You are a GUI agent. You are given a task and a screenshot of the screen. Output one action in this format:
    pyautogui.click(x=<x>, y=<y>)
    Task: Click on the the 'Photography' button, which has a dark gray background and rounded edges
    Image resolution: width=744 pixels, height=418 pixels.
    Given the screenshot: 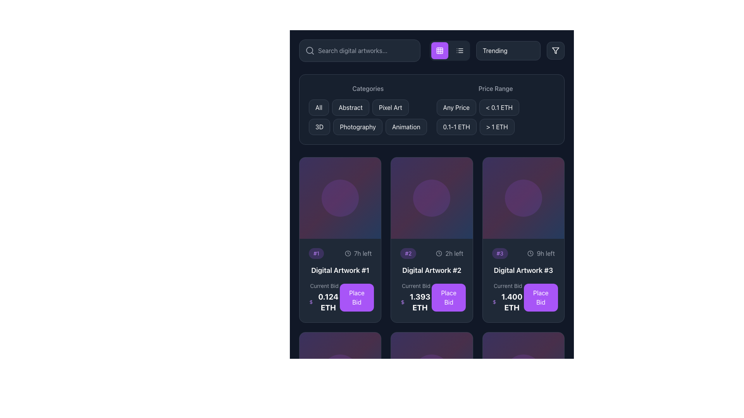 What is the action you would take?
    pyautogui.click(x=357, y=126)
    